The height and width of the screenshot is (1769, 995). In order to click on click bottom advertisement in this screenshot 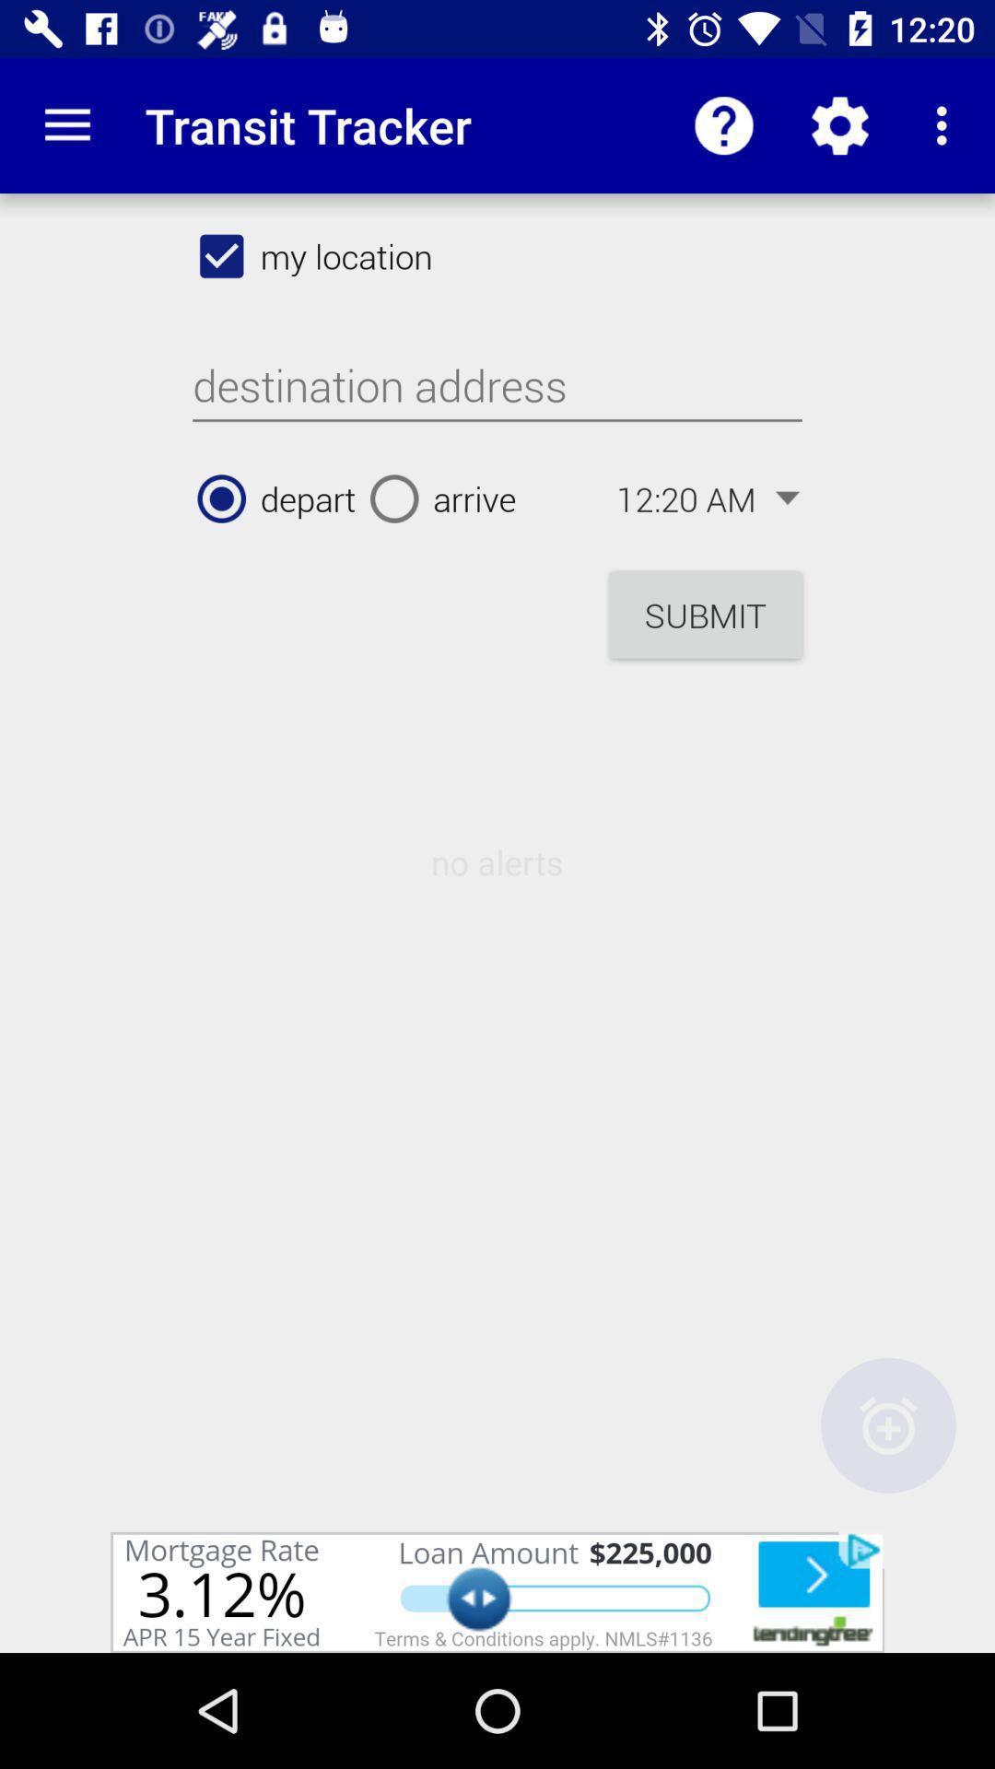, I will do `click(497, 1591)`.